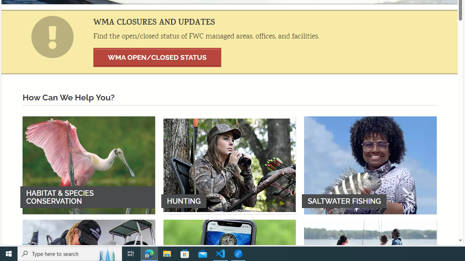 The height and width of the screenshot is (261, 465). What do you see at coordinates (229, 165) in the screenshot?
I see `'HUNTING'` at bounding box center [229, 165].